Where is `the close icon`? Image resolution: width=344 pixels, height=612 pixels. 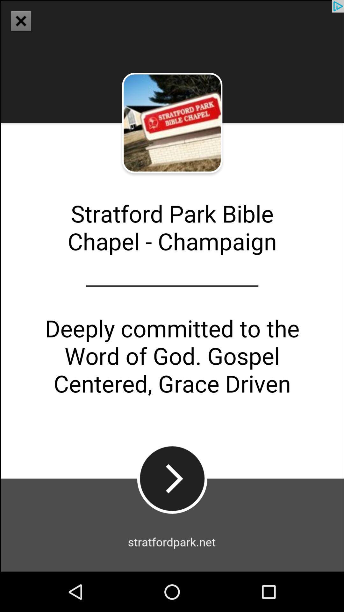
the close icon is located at coordinates (20, 22).